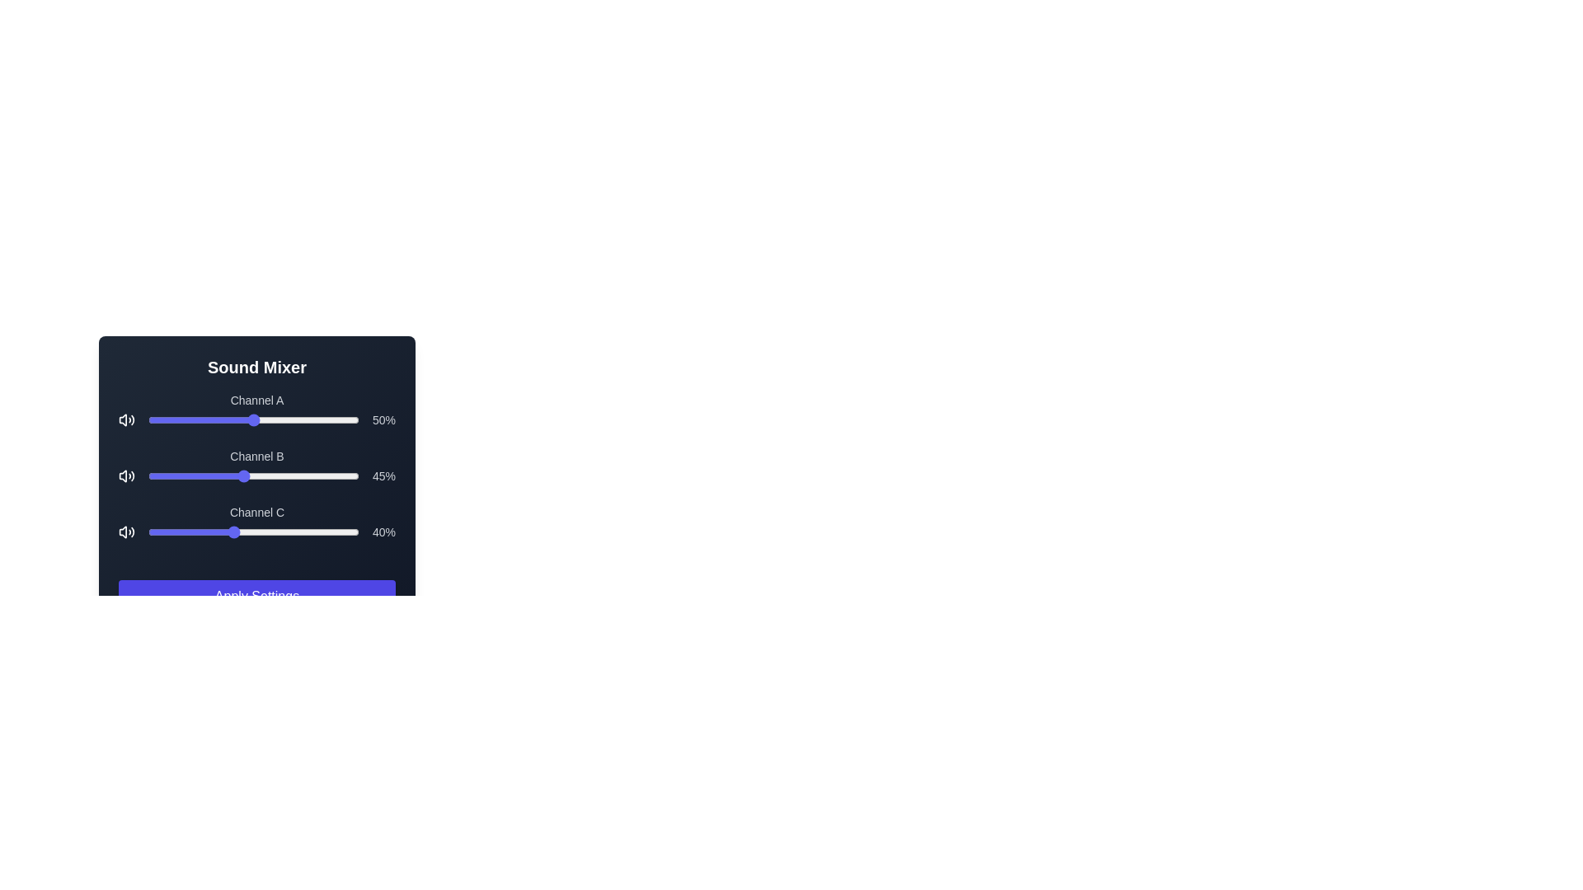  What do you see at coordinates (180, 532) in the screenshot?
I see `the slider` at bounding box center [180, 532].